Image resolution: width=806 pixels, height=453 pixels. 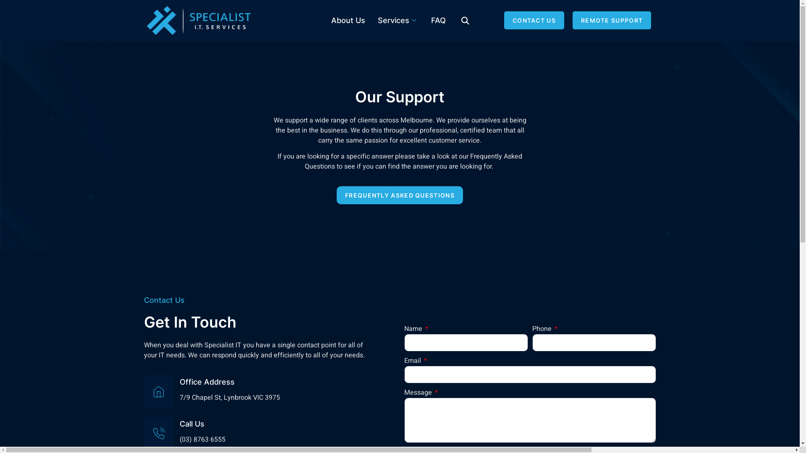 What do you see at coordinates (399, 195) in the screenshot?
I see `'FREQUENTLY ASKED QUESTIONS'` at bounding box center [399, 195].